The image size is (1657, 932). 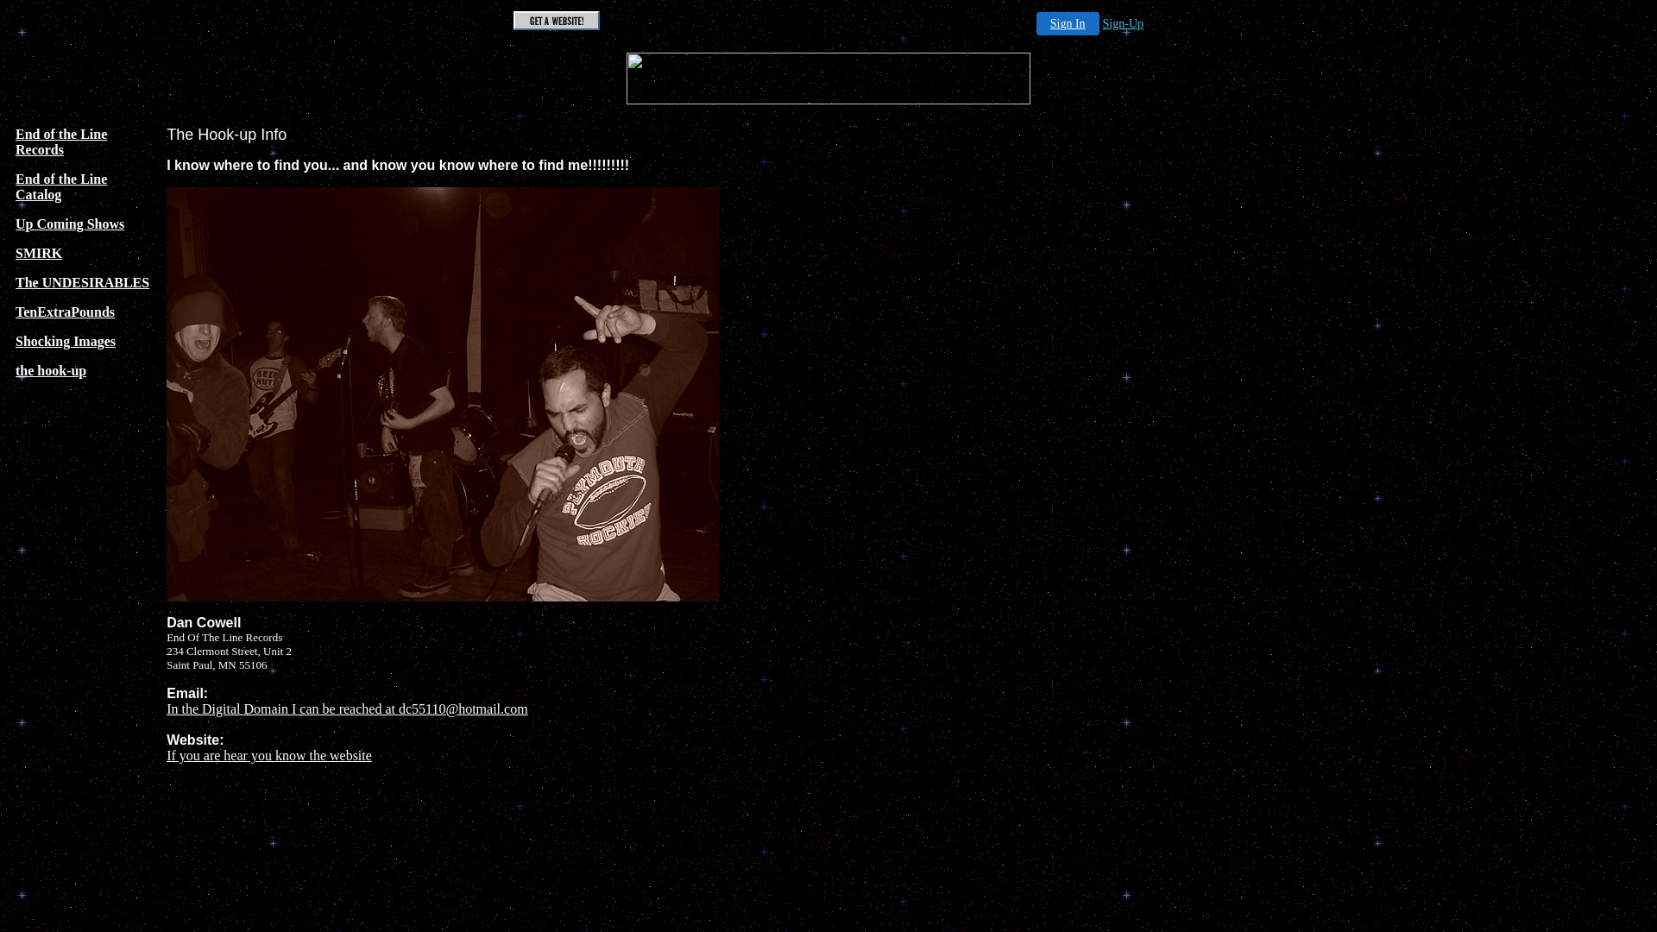 I want to click on 'SMIRK', so click(x=16, y=253).